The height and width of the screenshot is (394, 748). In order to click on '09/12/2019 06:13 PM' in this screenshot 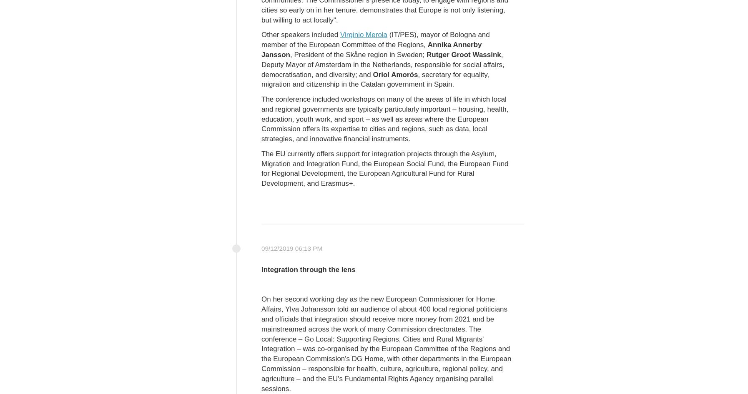, I will do `click(292, 248)`.